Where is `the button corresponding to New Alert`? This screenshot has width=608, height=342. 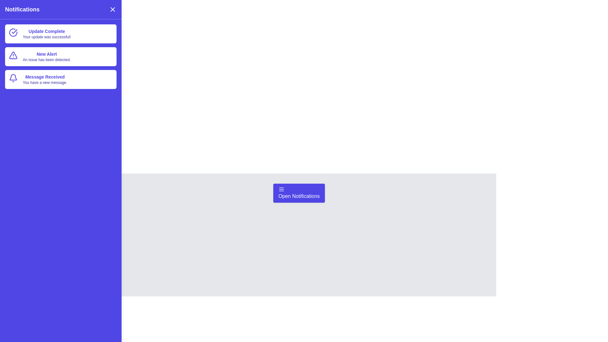
the button corresponding to New Alert is located at coordinates (61, 56).